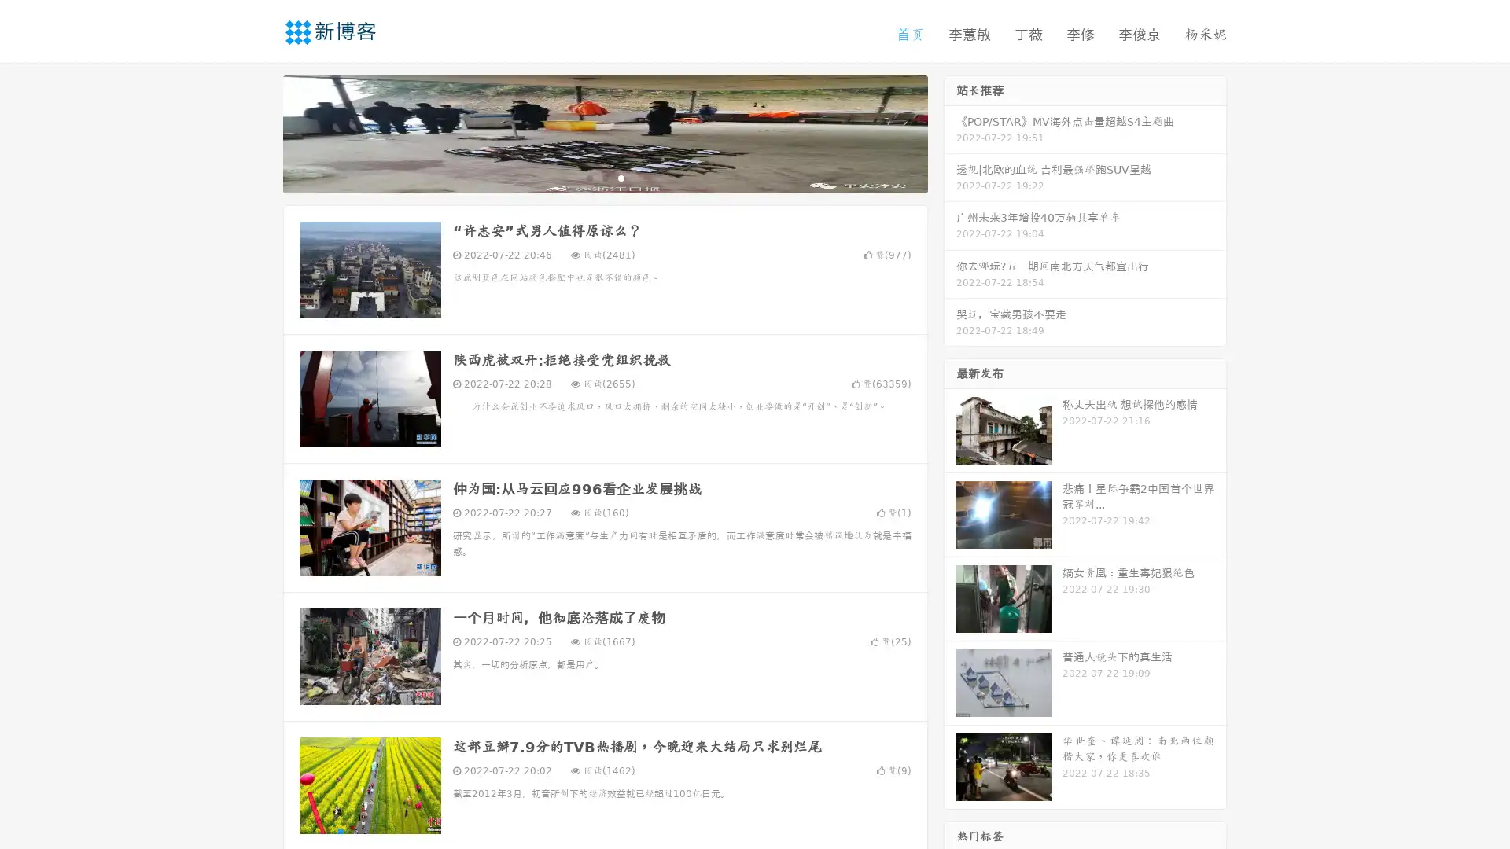  What do you see at coordinates (260, 132) in the screenshot?
I see `Previous slide` at bounding box center [260, 132].